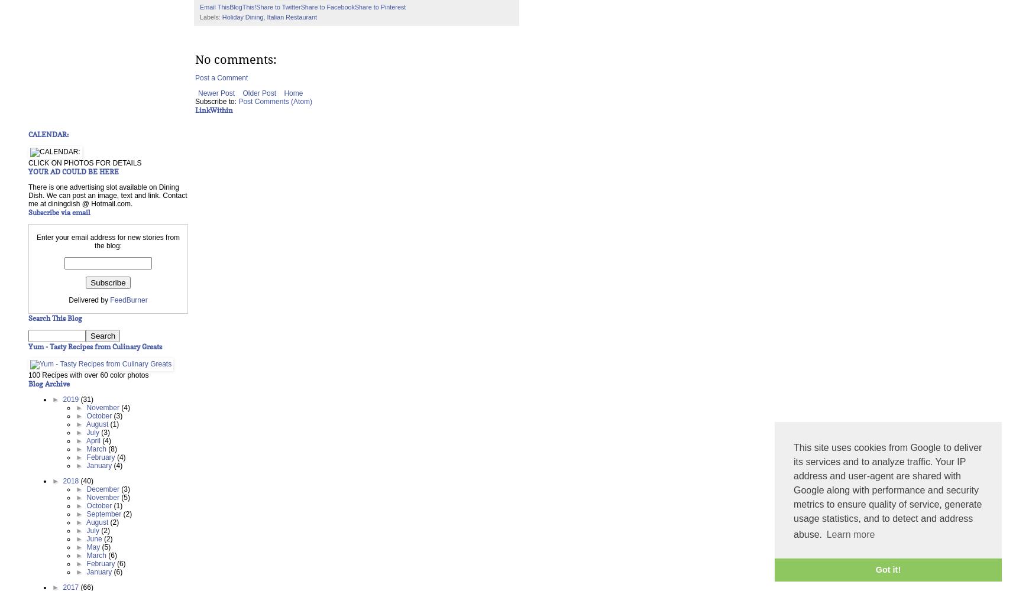  What do you see at coordinates (221, 78) in the screenshot?
I see `'Post a Comment'` at bounding box center [221, 78].